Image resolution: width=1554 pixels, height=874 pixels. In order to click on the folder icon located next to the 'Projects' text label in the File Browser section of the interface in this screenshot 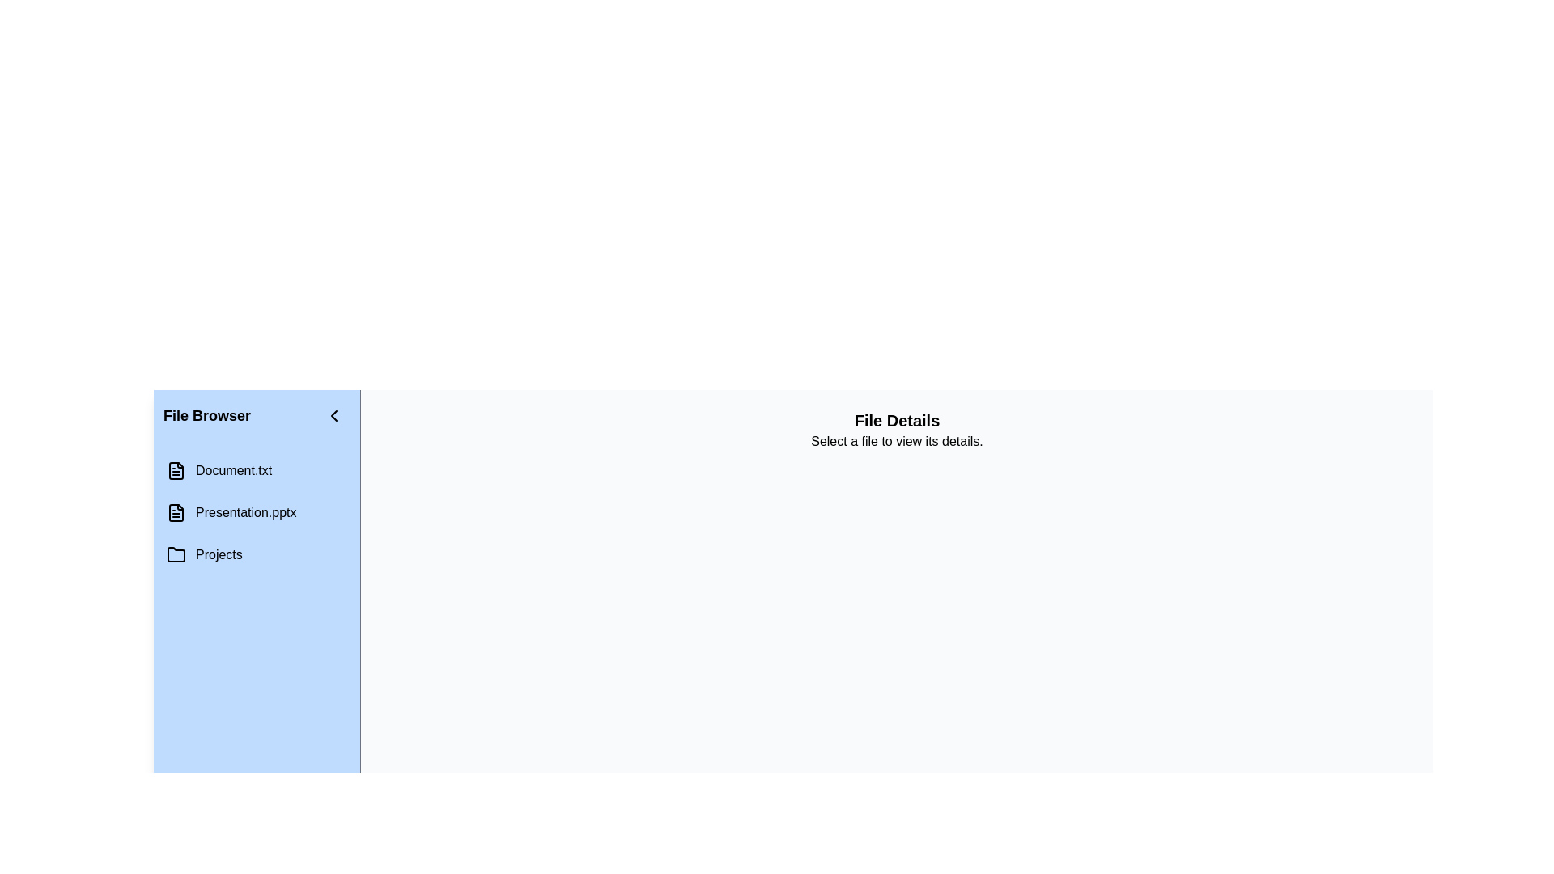, I will do `click(176, 554)`.